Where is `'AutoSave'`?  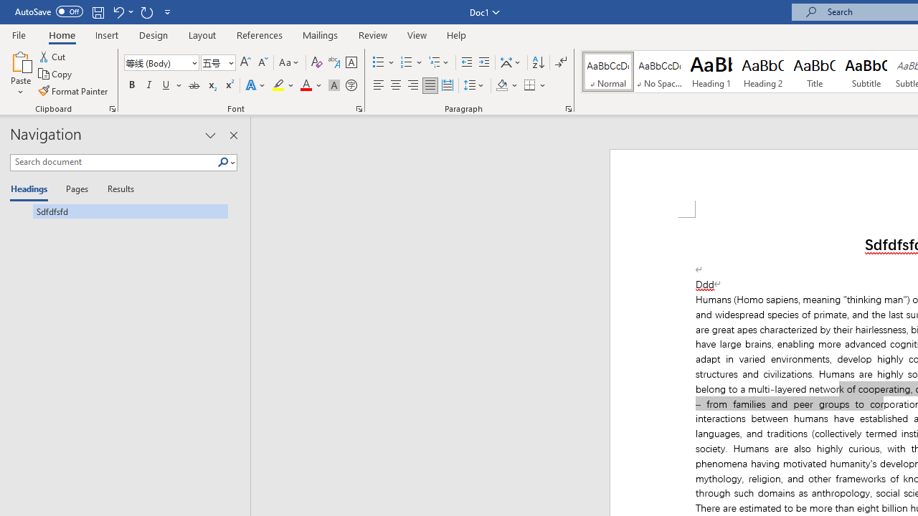
'AutoSave' is located at coordinates (49, 11).